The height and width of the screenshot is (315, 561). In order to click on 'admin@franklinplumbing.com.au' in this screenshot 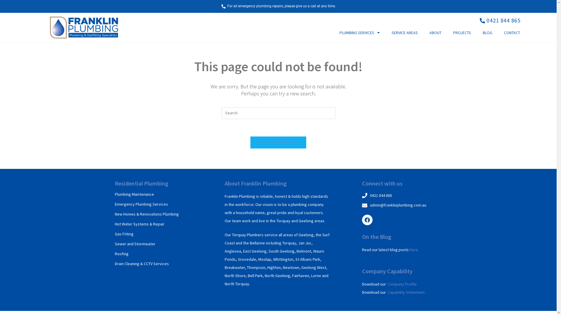, I will do `click(402, 205)`.